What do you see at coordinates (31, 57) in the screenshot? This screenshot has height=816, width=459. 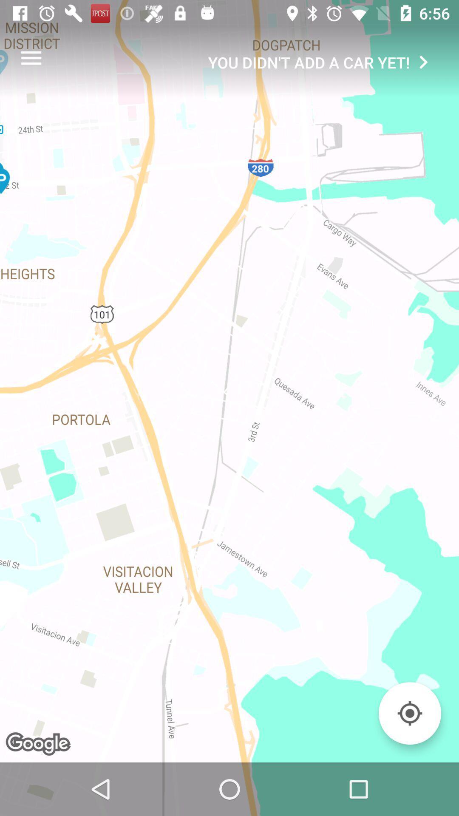 I see `the icon at the top left corner` at bounding box center [31, 57].